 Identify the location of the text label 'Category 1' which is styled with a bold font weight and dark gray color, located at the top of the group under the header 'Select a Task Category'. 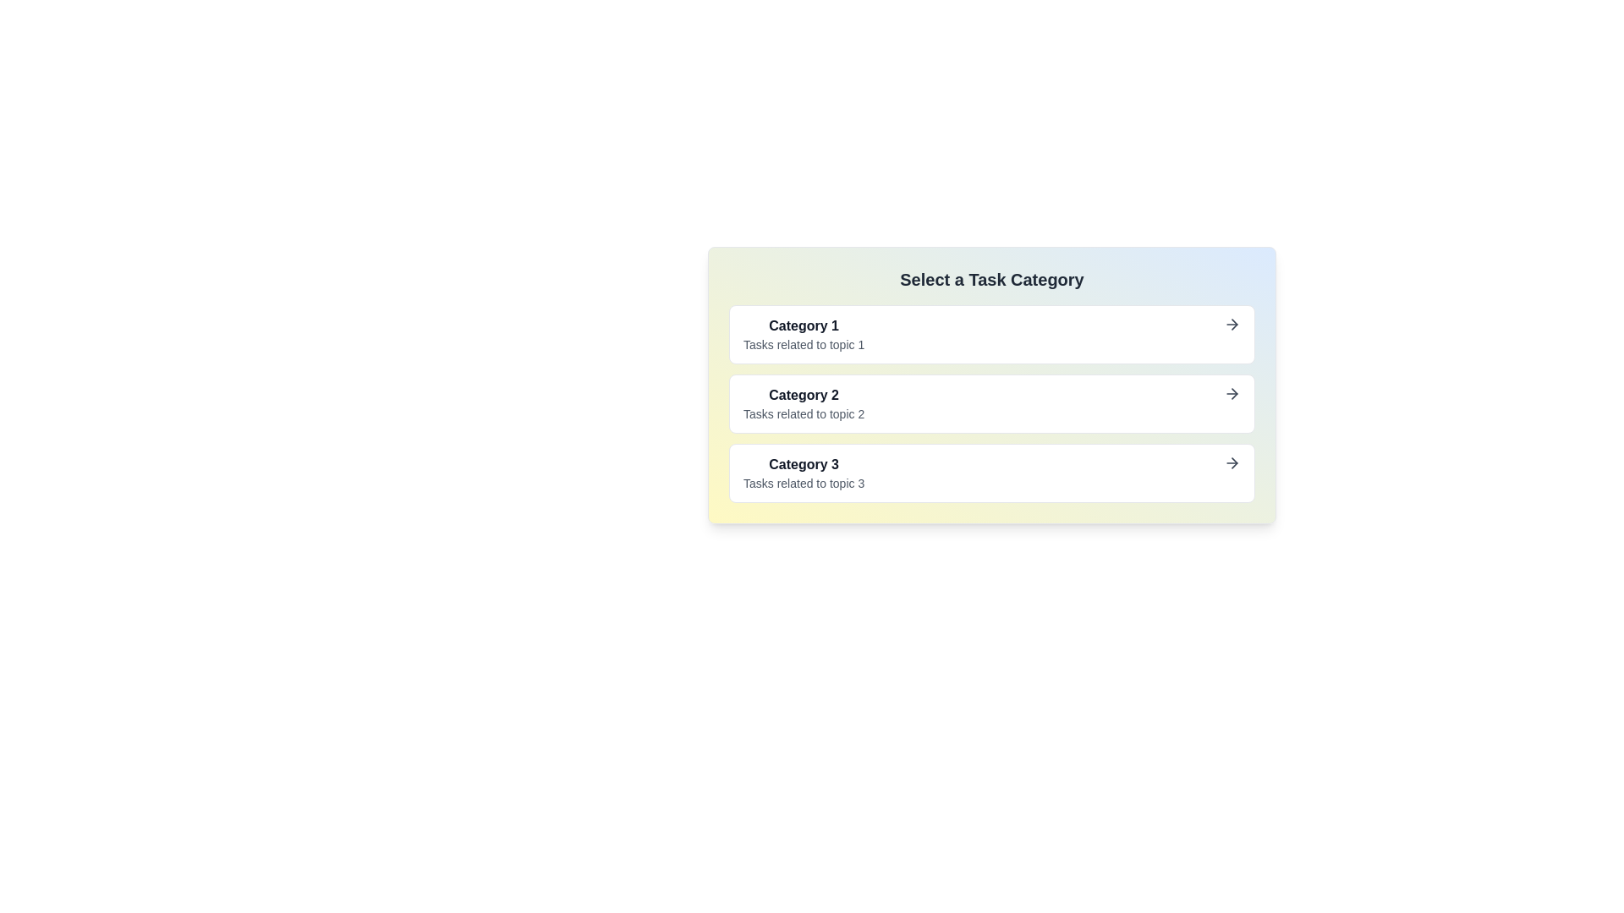
(803, 325).